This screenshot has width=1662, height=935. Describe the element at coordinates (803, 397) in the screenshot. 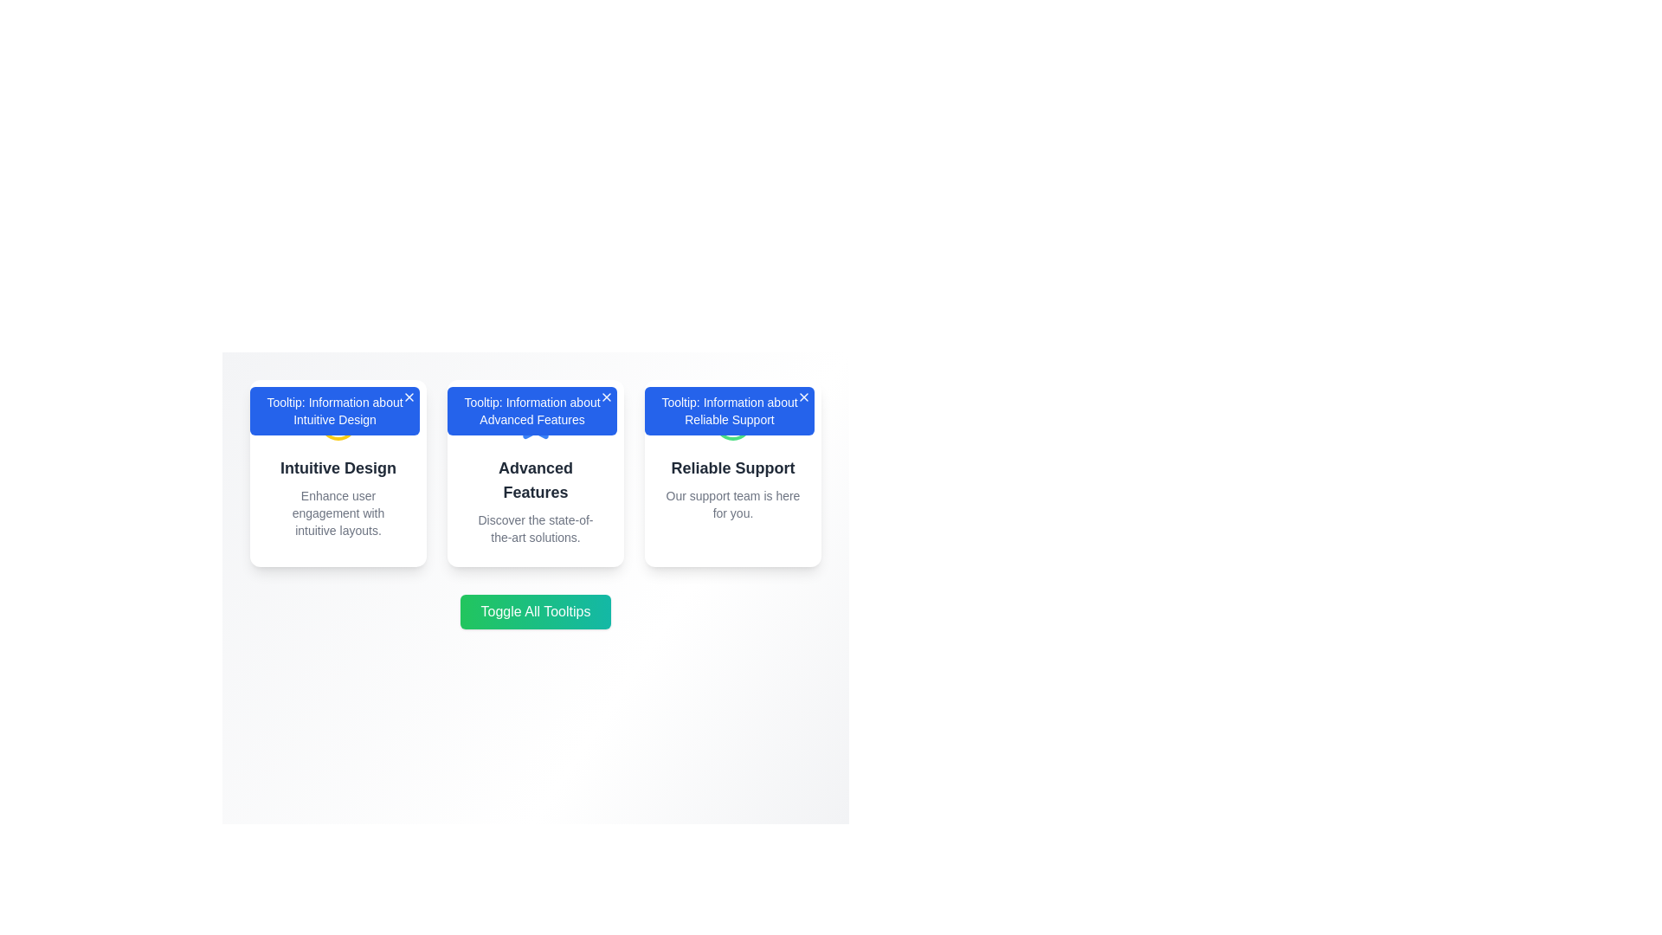

I see `the close button represented by an 'X' icon located at the top-right corner of the tooltip labeled 'Tooltip: Information about Reliable Support'` at that location.